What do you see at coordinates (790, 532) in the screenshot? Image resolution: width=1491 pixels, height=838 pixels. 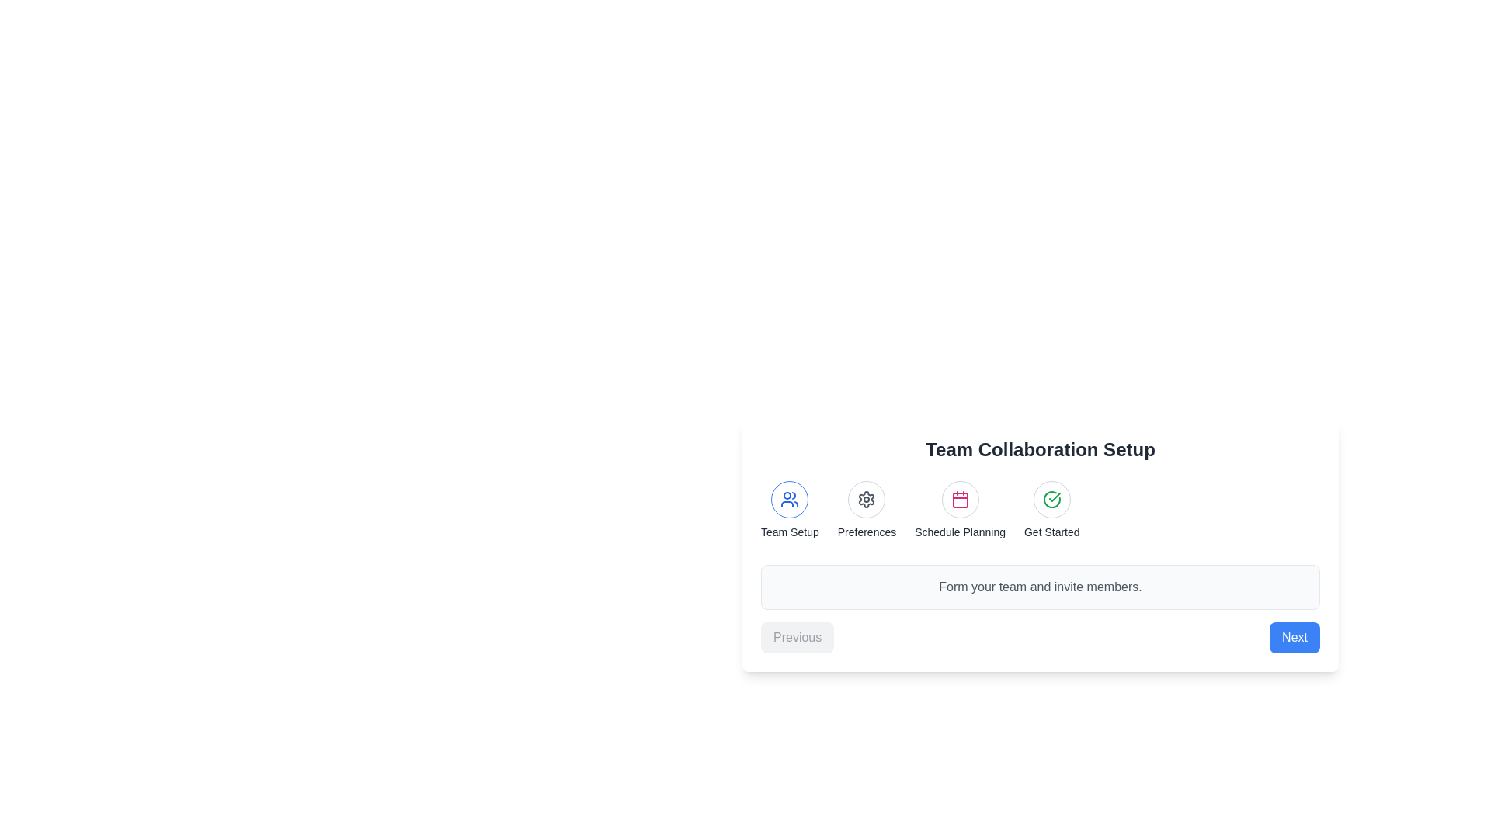 I see `the 'Team Setup' text label, which is displayed in a small, bold, dark gray font and is centered below the users' icon in the navigation component` at bounding box center [790, 532].